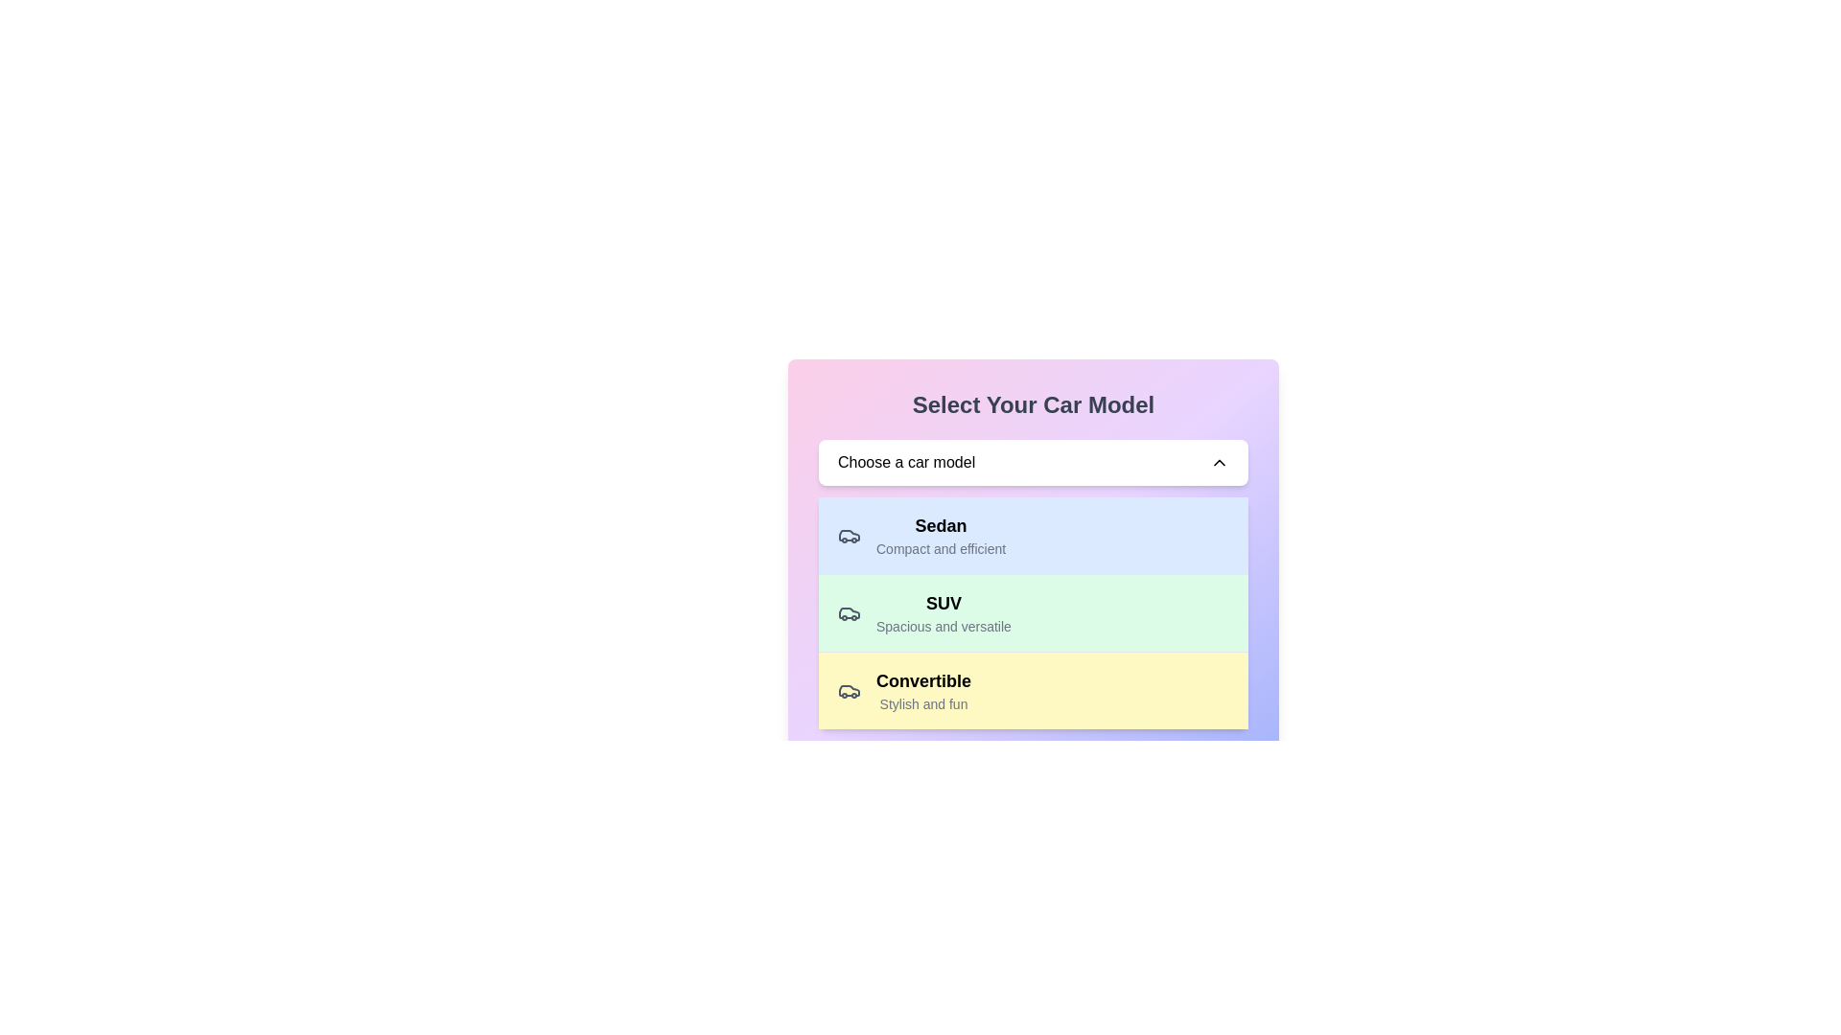 This screenshot has width=1841, height=1035. I want to click on the dropdown menu for car model selection located beneath 'Select Your Car Model', so click(1033, 462).